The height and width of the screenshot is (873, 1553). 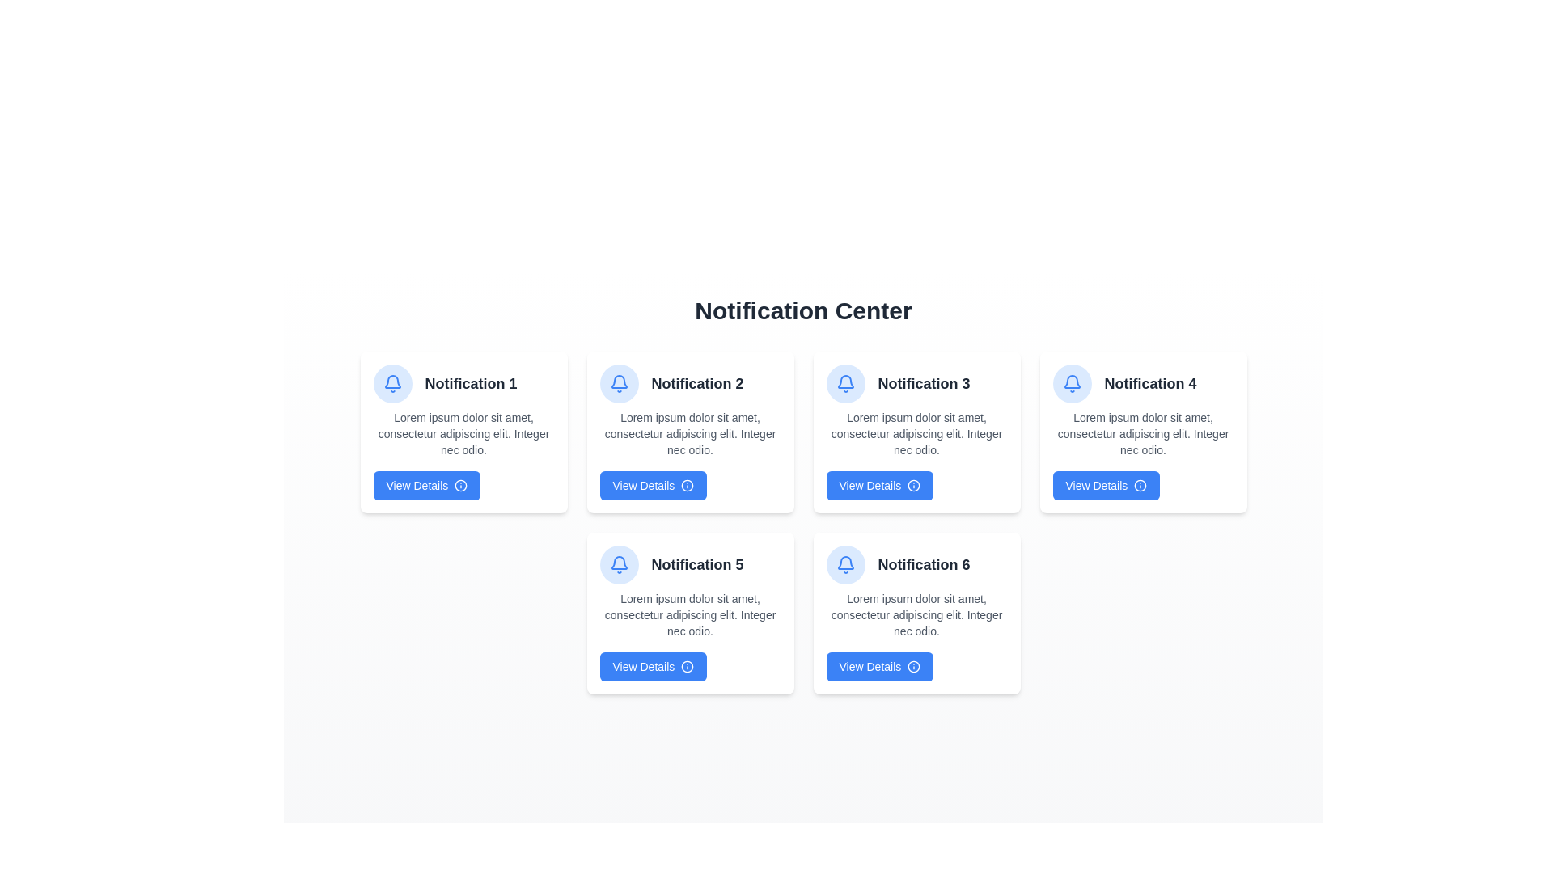 What do you see at coordinates (618, 562) in the screenshot?
I see `the bell-shaped icon with a blue outline in the top-left corner of the 'Notification 1' card` at bounding box center [618, 562].